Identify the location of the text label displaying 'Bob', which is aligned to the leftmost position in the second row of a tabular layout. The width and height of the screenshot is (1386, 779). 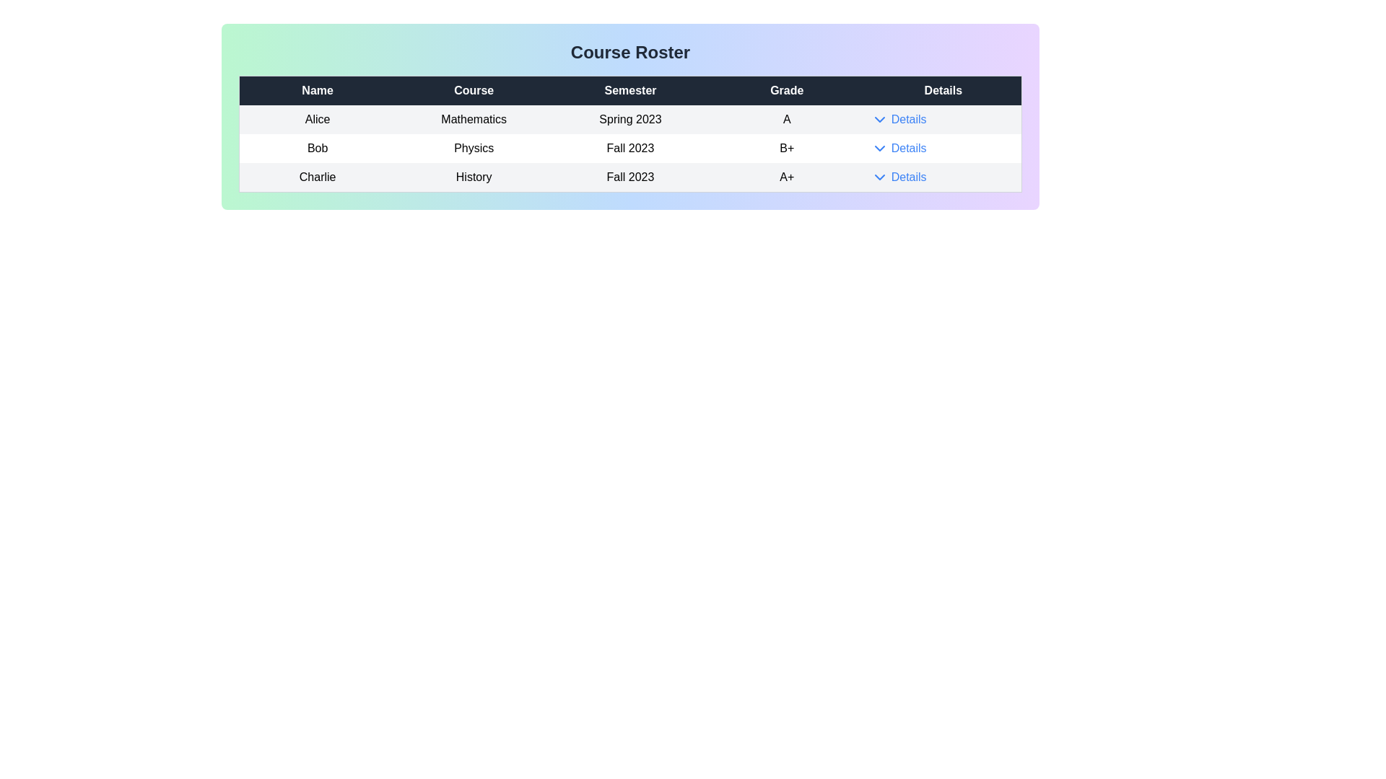
(316, 148).